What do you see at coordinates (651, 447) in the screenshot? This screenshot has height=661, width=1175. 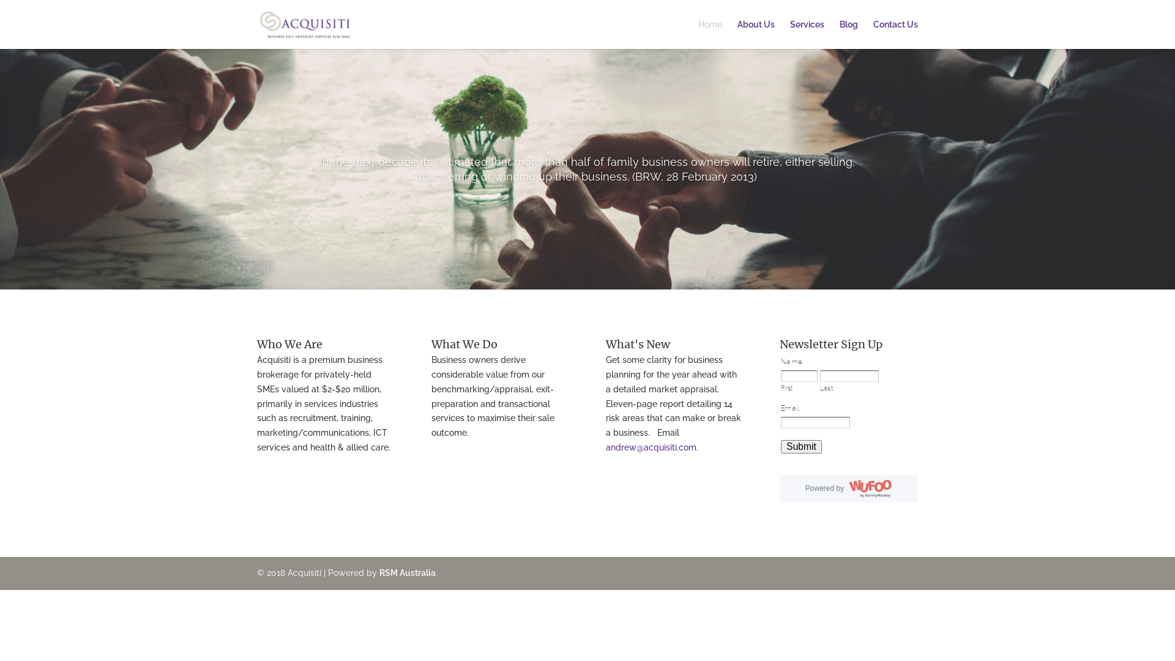 I see `'andrew@acquisiti.com'` at bounding box center [651, 447].